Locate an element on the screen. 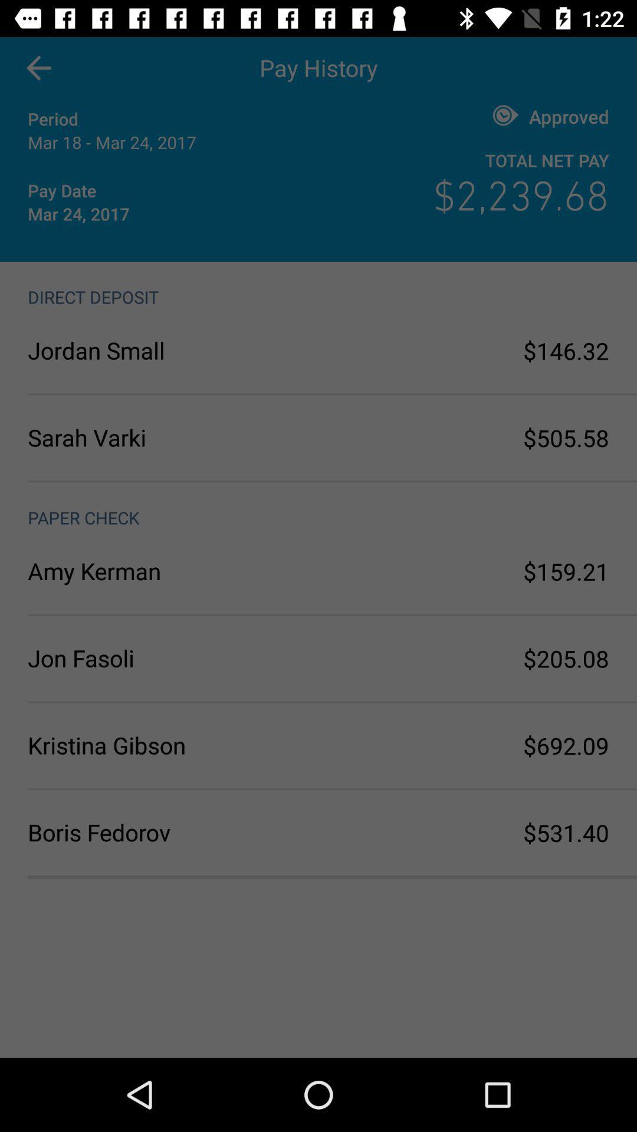 The image size is (637, 1132). the $505.58 is located at coordinates (566, 437).